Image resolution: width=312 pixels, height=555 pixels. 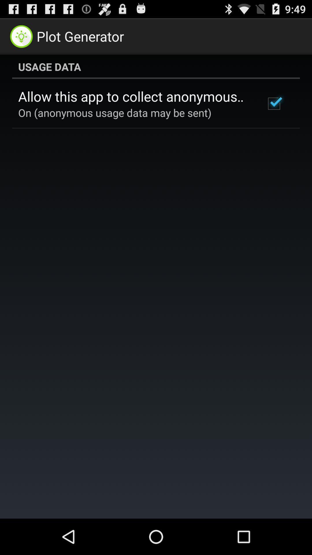 What do you see at coordinates (274, 103) in the screenshot?
I see `icon below the usage data icon` at bounding box center [274, 103].